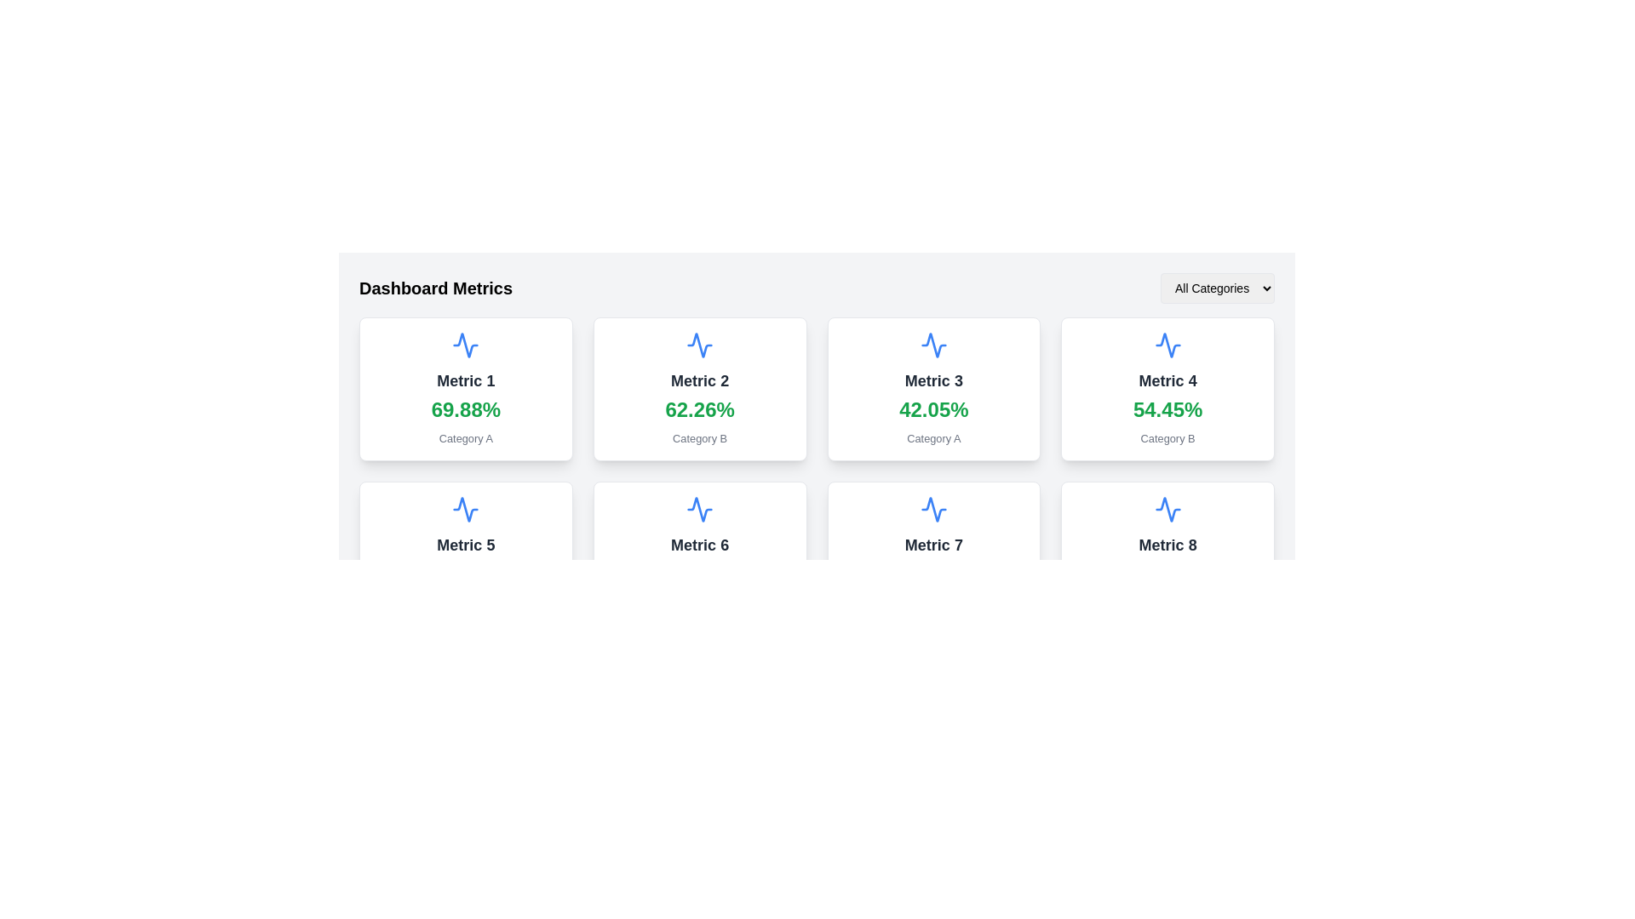 Image resolution: width=1635 pixels, height=919 pixels. I want to click on the waveform icon with a blue stroke located at the center-top of the 'Metric 3' card in the second row and third column of the grid layout, so click(932, 345).